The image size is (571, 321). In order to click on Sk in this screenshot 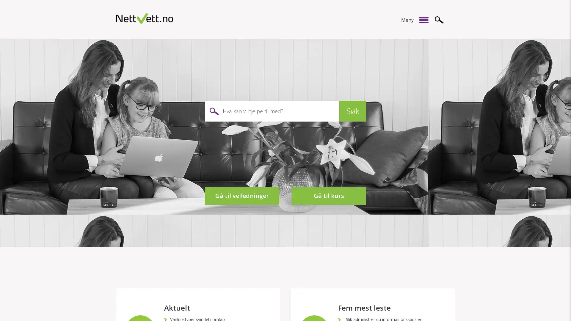, I will do `click(352, 111)`.